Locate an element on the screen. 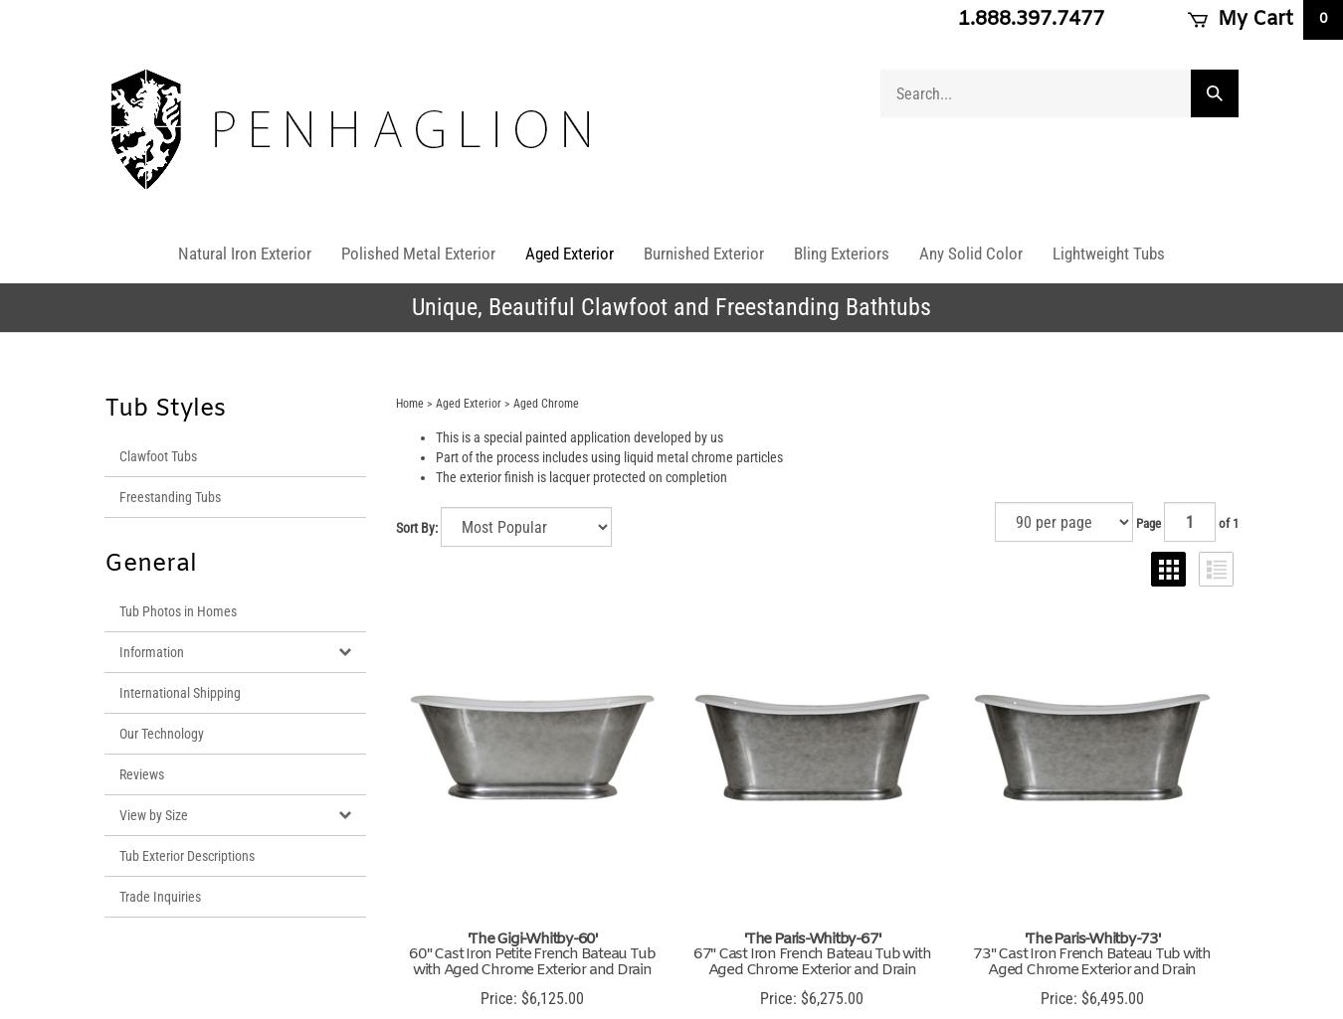 This screenshot has width=1343, height=1019. 'Page' is located at coordinates (1149, 521).